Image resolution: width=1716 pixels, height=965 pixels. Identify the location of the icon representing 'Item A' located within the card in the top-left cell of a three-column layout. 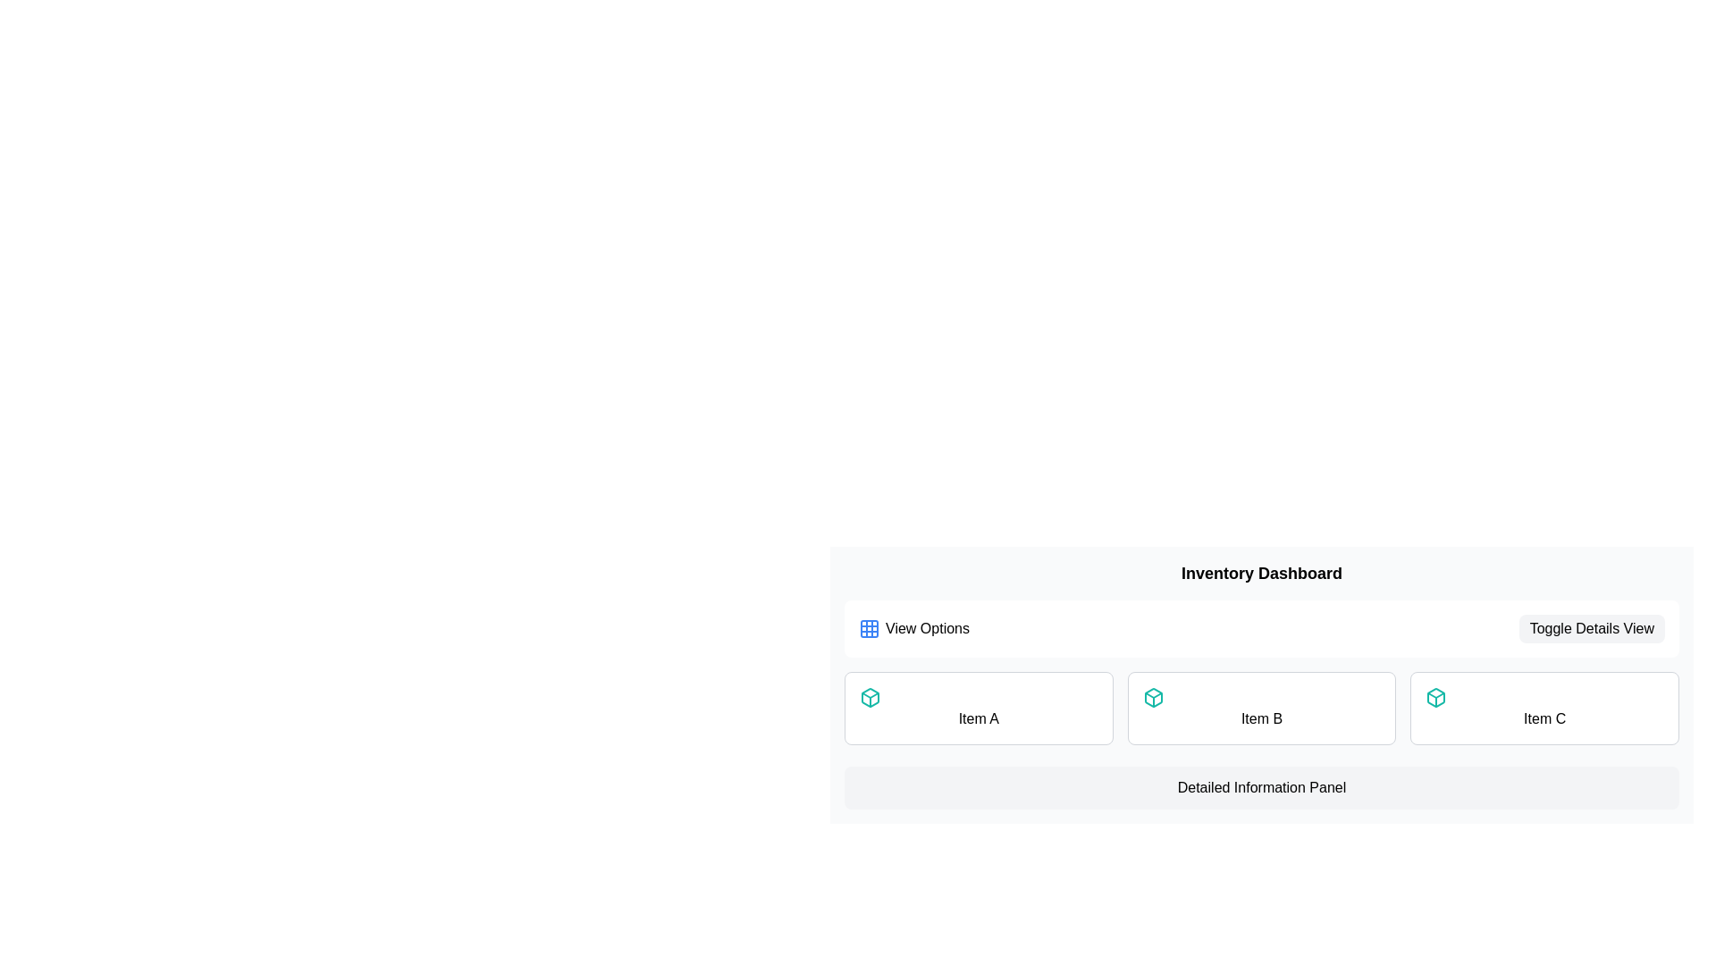
(871, 696).